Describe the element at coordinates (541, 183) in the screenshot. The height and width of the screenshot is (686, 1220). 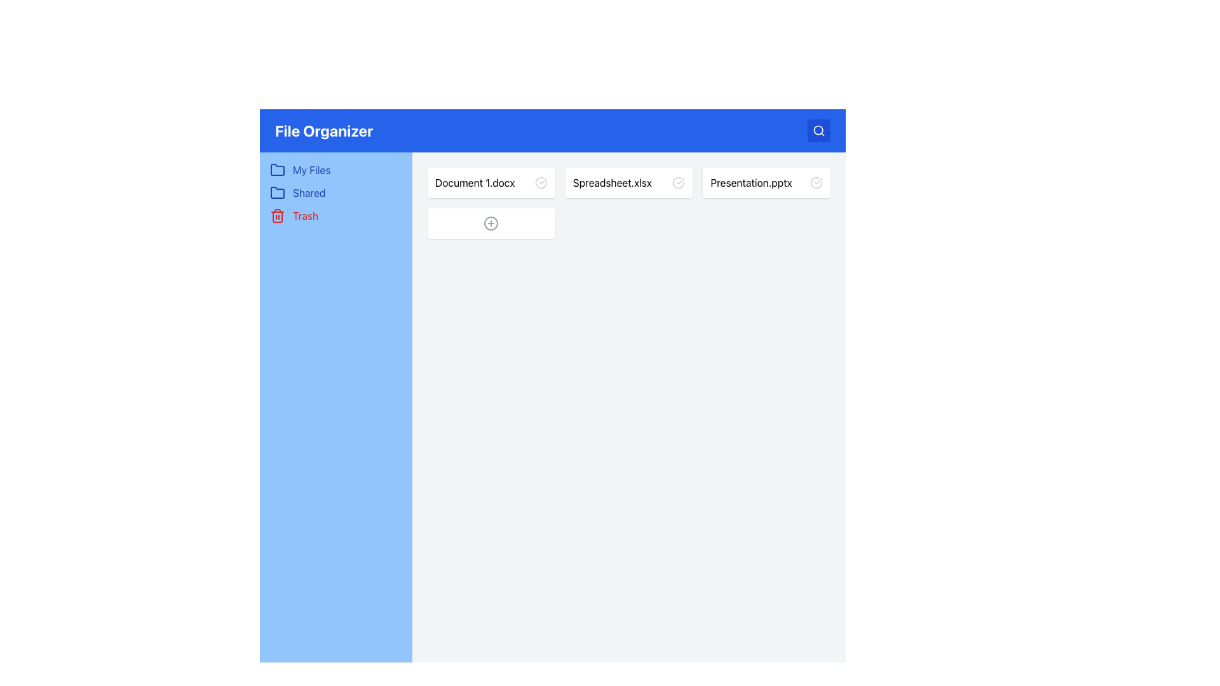
I see `the status indicator located to the right of the text label 'Document 1.docx' within the card representing the document` at that location.